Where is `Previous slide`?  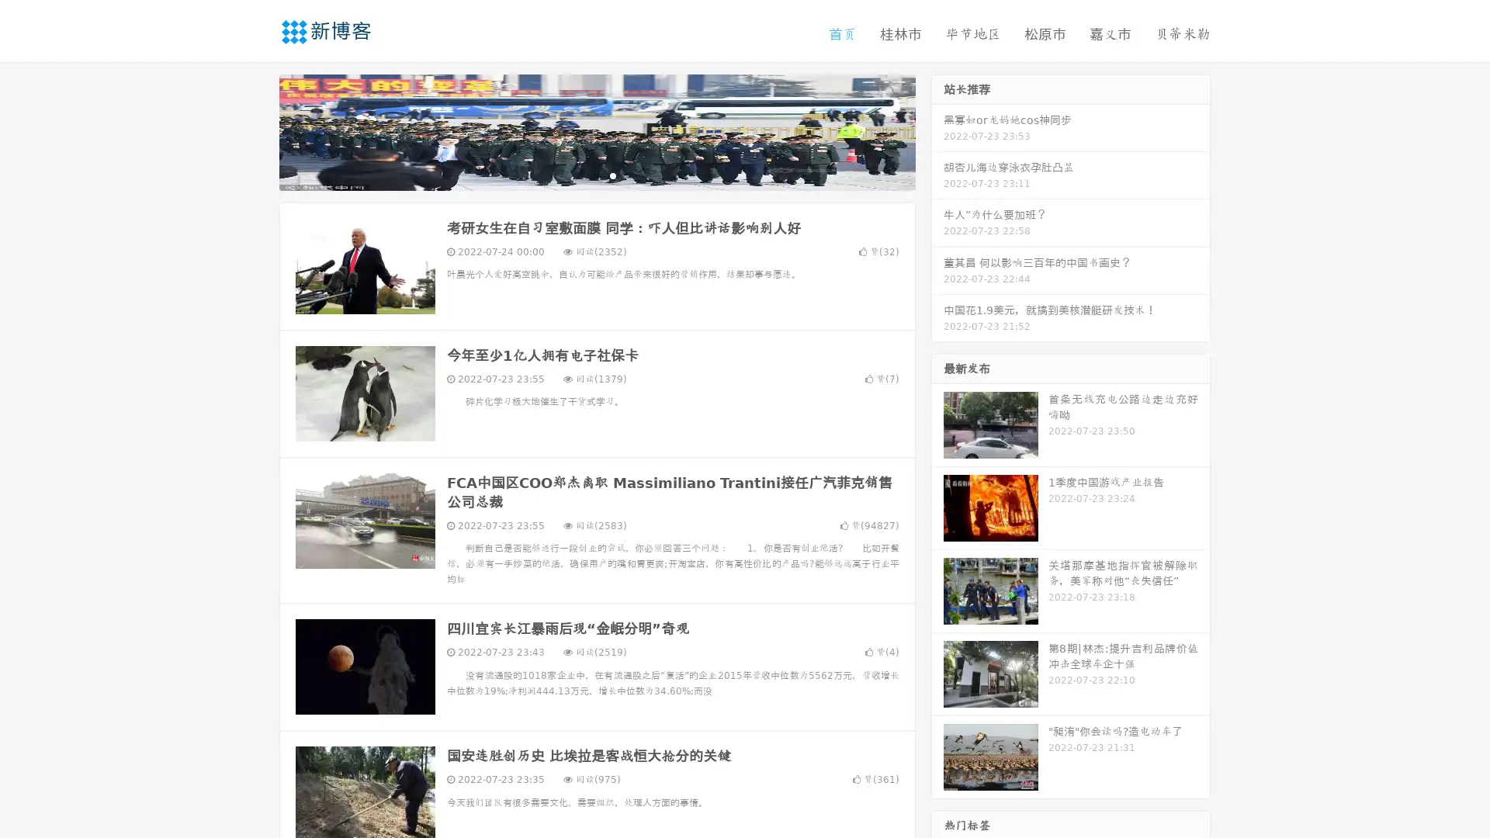
Previous slide is located at coordinates (256, 130).